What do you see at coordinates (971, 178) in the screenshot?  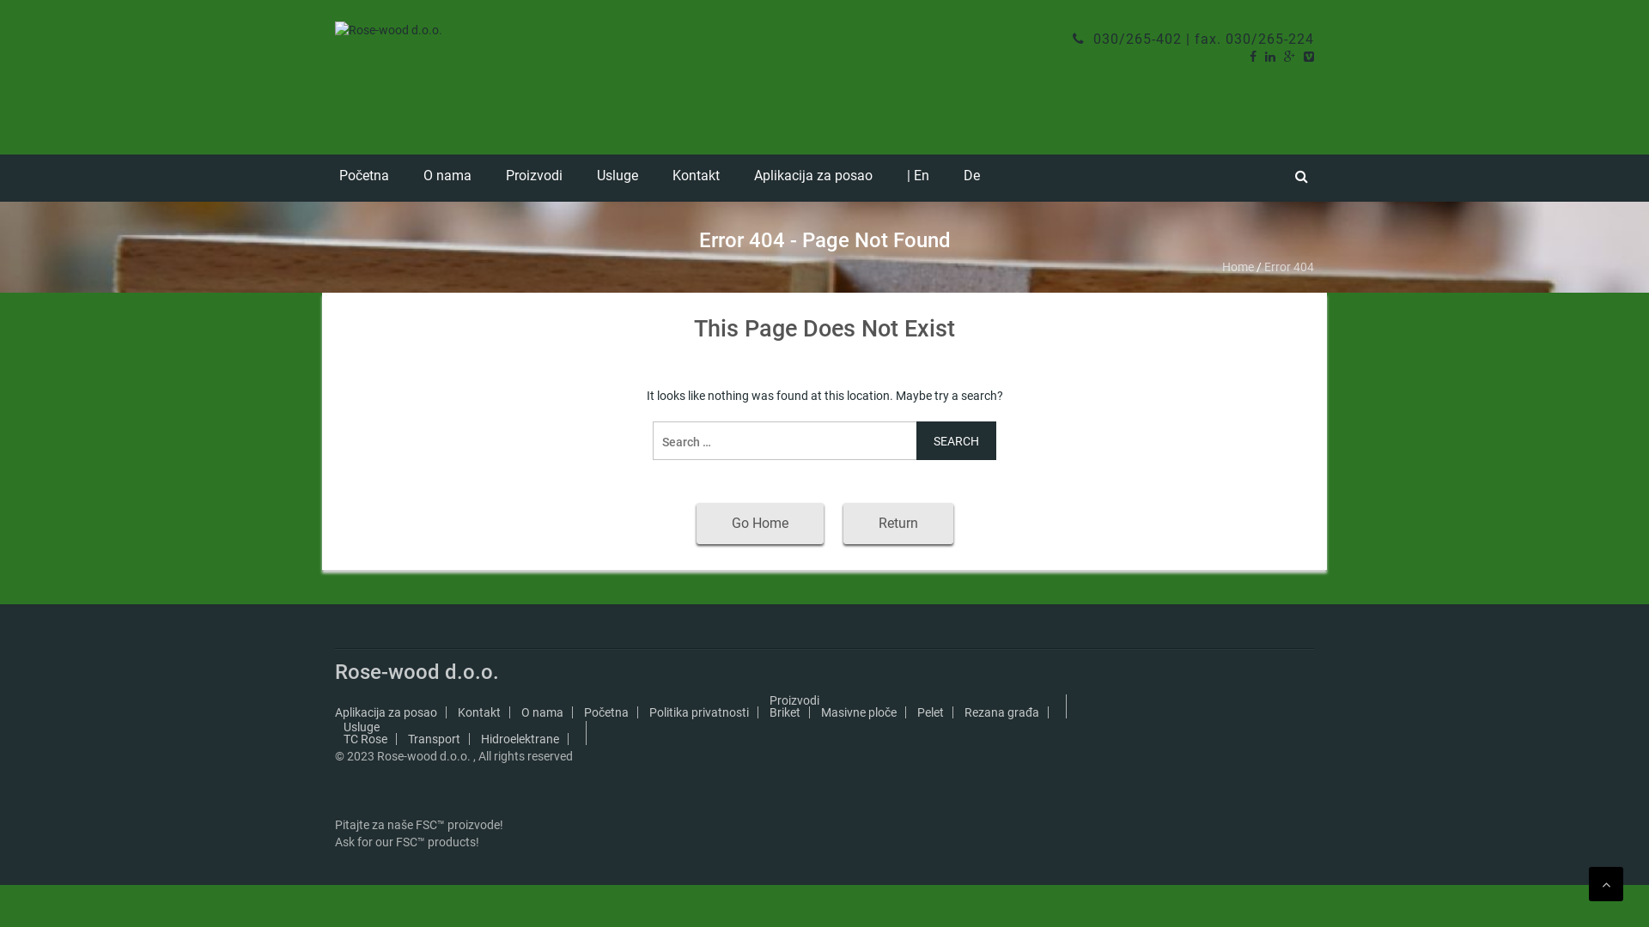 I see `'De'` at bounding box center [971, 178].